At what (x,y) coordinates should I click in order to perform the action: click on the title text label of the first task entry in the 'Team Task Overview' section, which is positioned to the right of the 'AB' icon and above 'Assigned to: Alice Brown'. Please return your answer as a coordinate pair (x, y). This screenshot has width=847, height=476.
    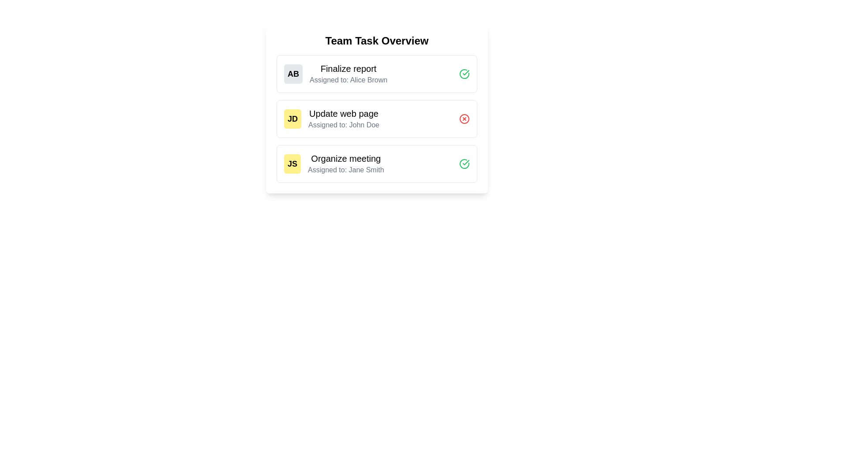
    Looking at the image, I should click on (348, 68).